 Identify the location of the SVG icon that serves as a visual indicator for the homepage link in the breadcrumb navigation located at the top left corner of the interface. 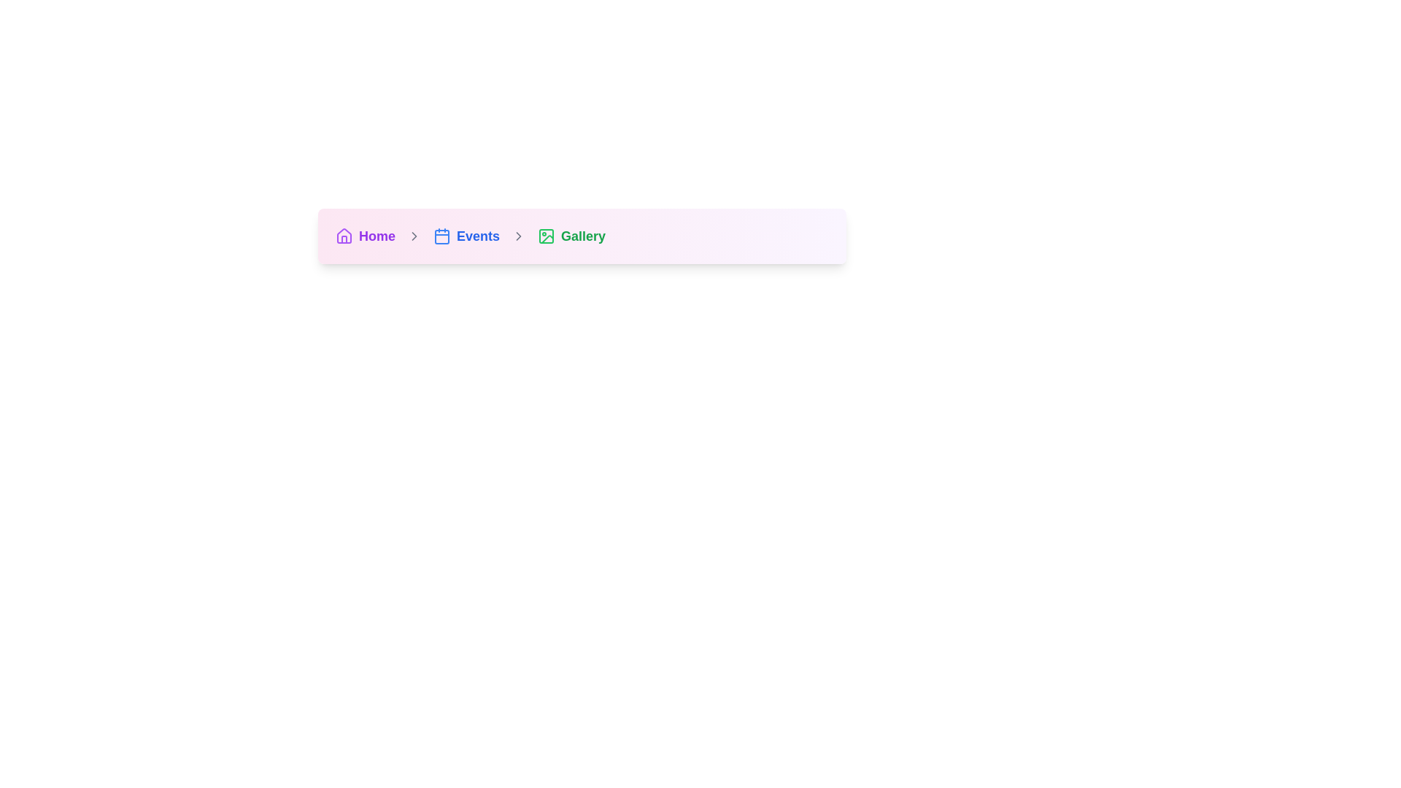
(343, 236).